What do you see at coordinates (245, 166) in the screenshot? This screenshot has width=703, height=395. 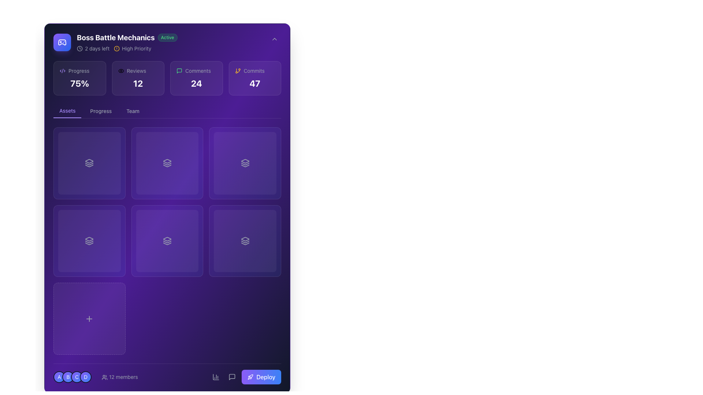 I see `the SVG graphic representing the bottom layer of a tri-layer stack visual, located in the middle-right of the grid layout` at bounding box center [245, 166].